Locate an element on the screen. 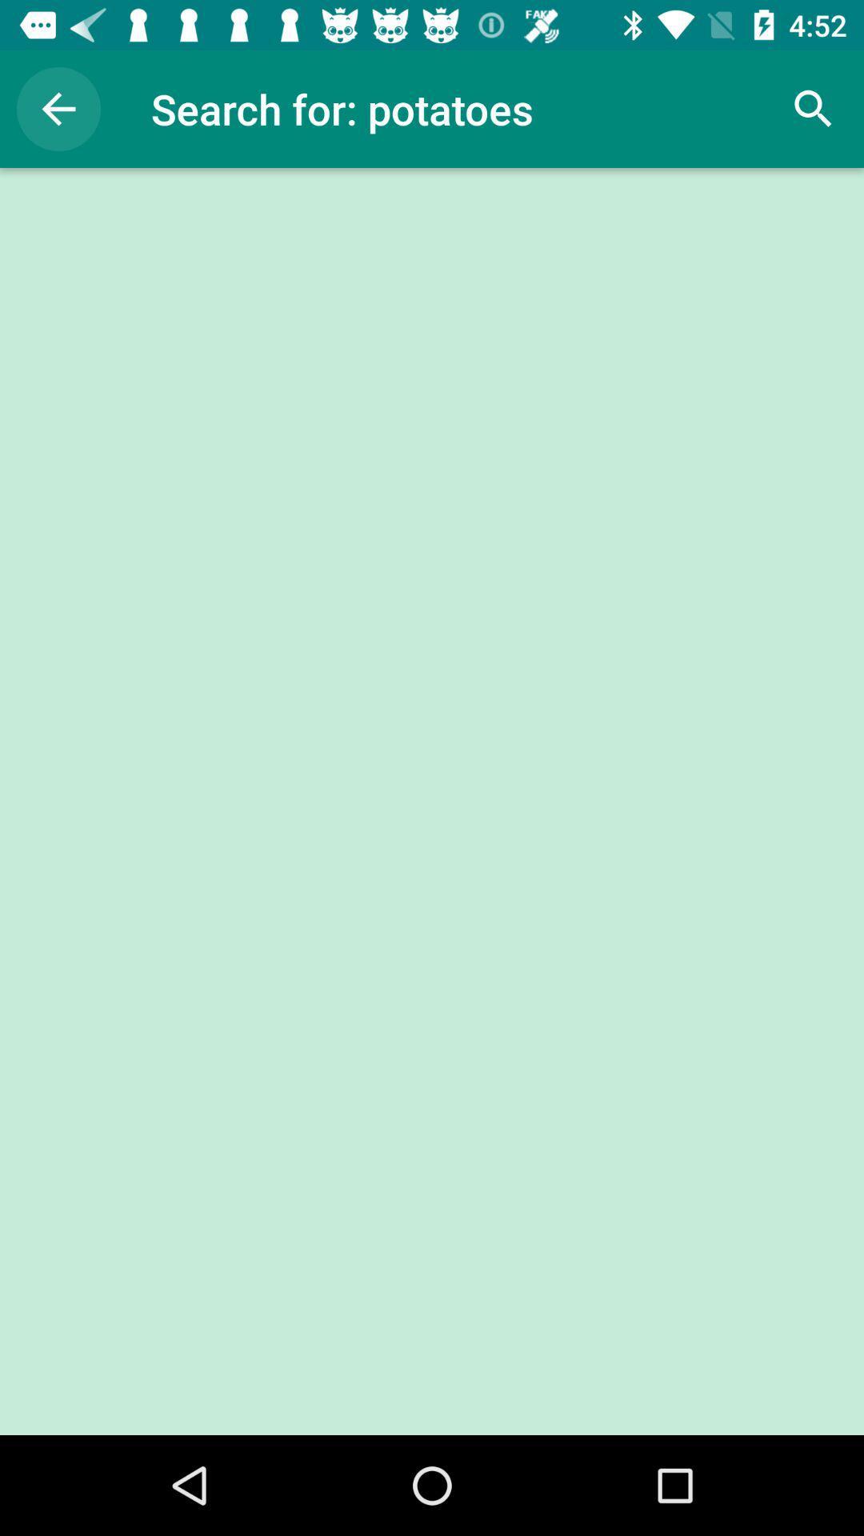  the item to the left of the search for: potatoes item is located at coordinates (58, 108).